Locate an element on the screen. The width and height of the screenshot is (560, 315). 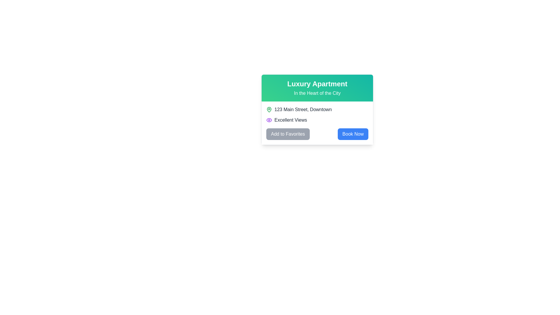
address displayed in the text label showing '123 Main Street, Downtown', located to the right of the green pin icon in the top part of the card layout is located at coordinates (303, 109).